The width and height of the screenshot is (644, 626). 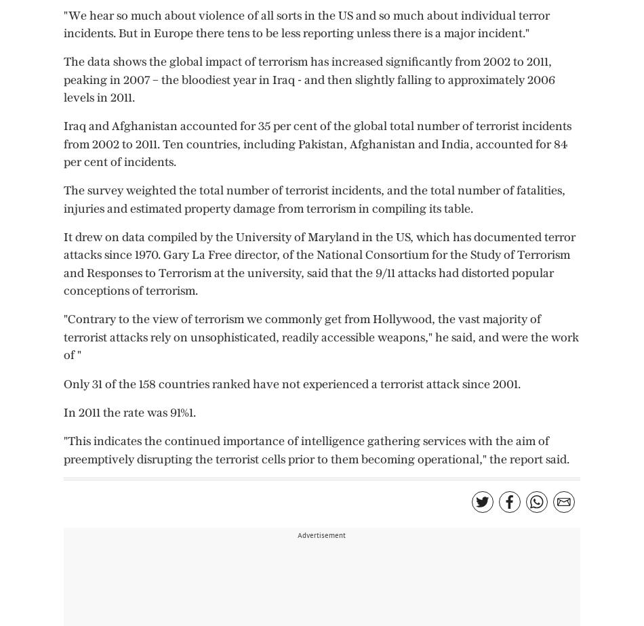 What do you see at coordinates (242, 90) in the screenshot?
I see `'Wine Cellar'` at bounding box center [242, 90].